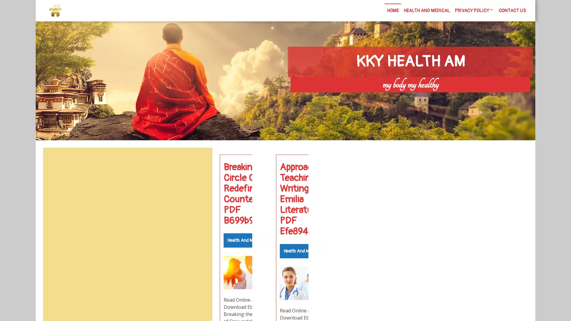 This screenshot has height=321, width=571. I want to click on Search, so click(463, 97).